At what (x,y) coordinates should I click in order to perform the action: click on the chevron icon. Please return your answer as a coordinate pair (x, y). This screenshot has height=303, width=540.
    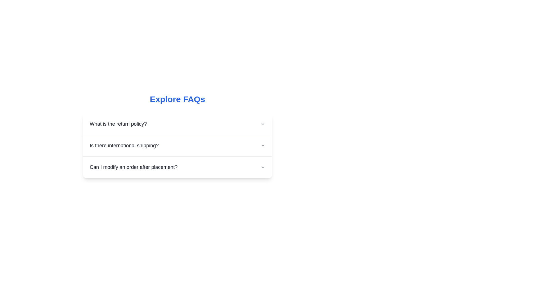
    Looking at the image, I should click on (263, 167).